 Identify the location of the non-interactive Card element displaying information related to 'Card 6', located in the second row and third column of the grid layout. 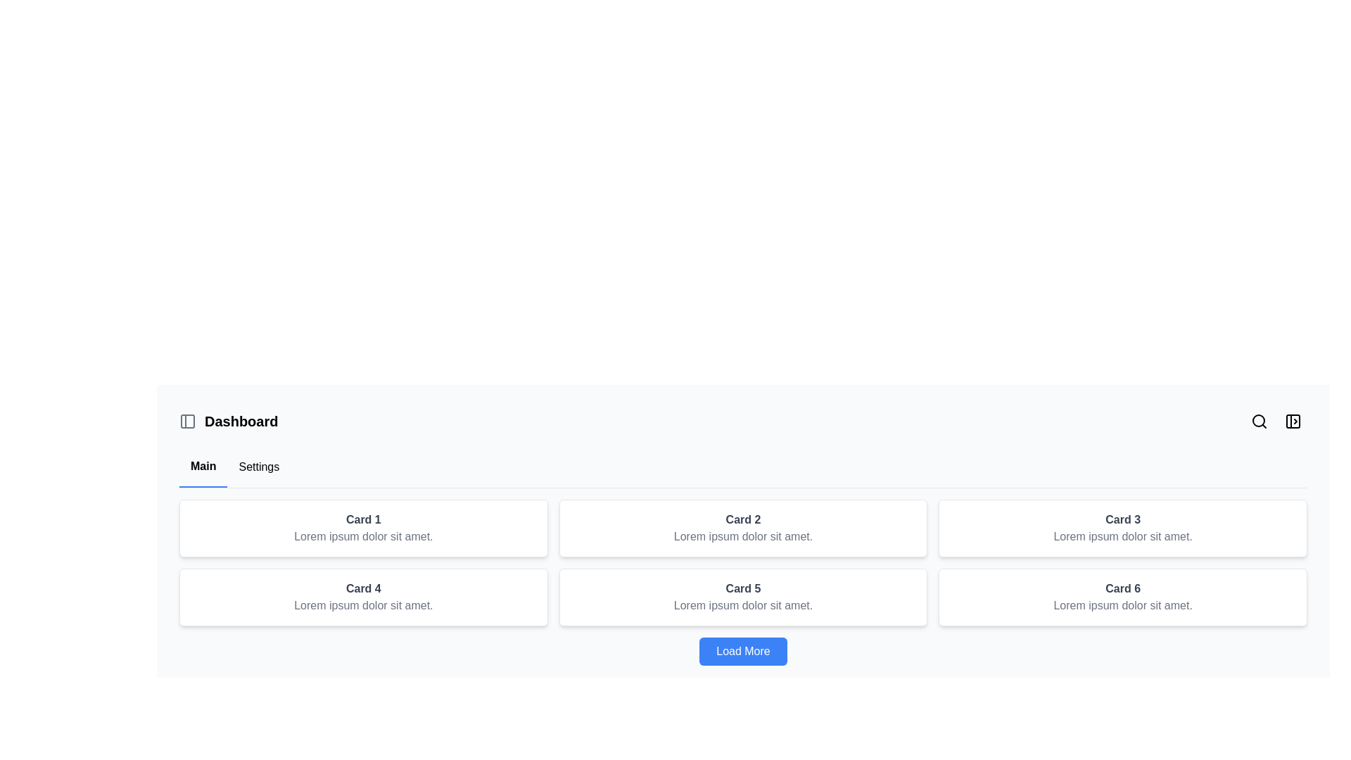
(1122, 597).